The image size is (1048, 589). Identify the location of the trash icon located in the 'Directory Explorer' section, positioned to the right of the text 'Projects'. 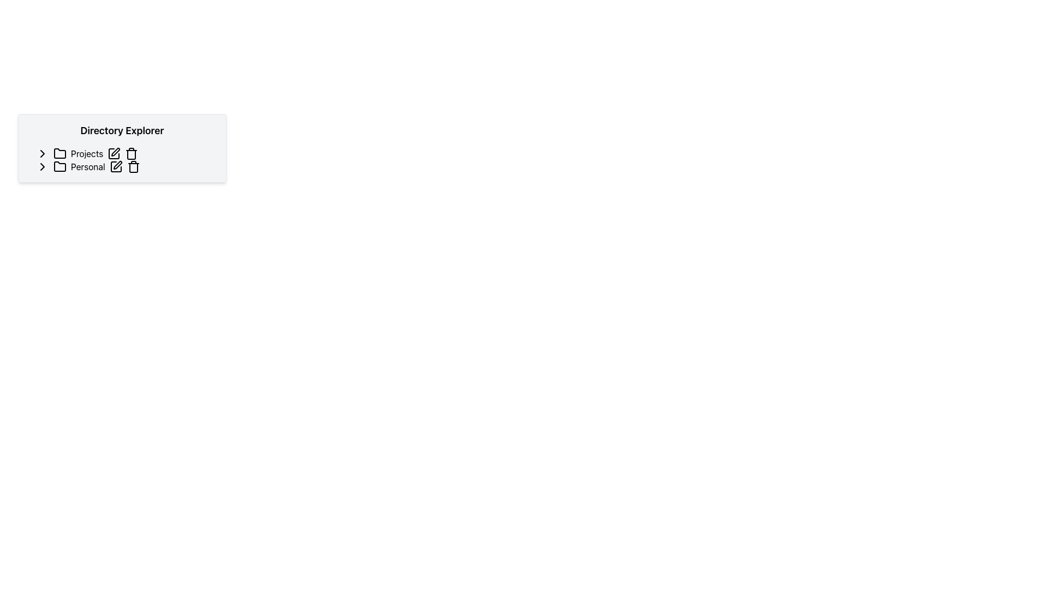
(131, 155).